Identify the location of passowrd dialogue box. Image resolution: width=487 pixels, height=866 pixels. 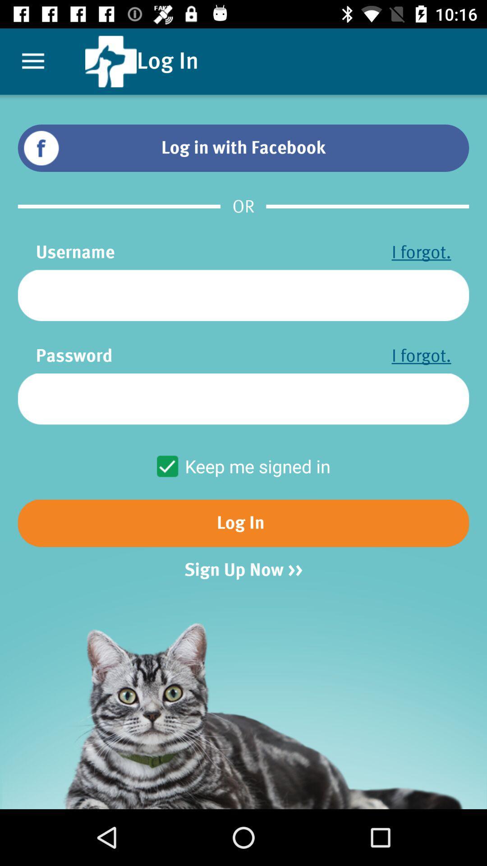
(243, 398).